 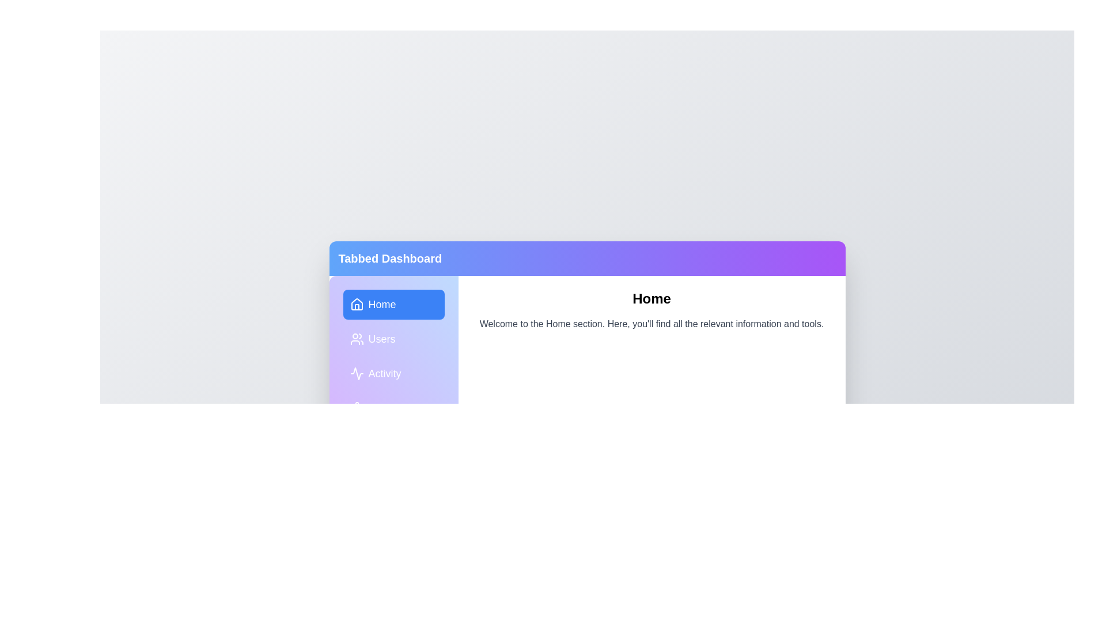 What do you see at coordinates (393, 373) in the screenshot?
I see `the tab Activity to observe the visual effect` at bounding box center [393, 373].